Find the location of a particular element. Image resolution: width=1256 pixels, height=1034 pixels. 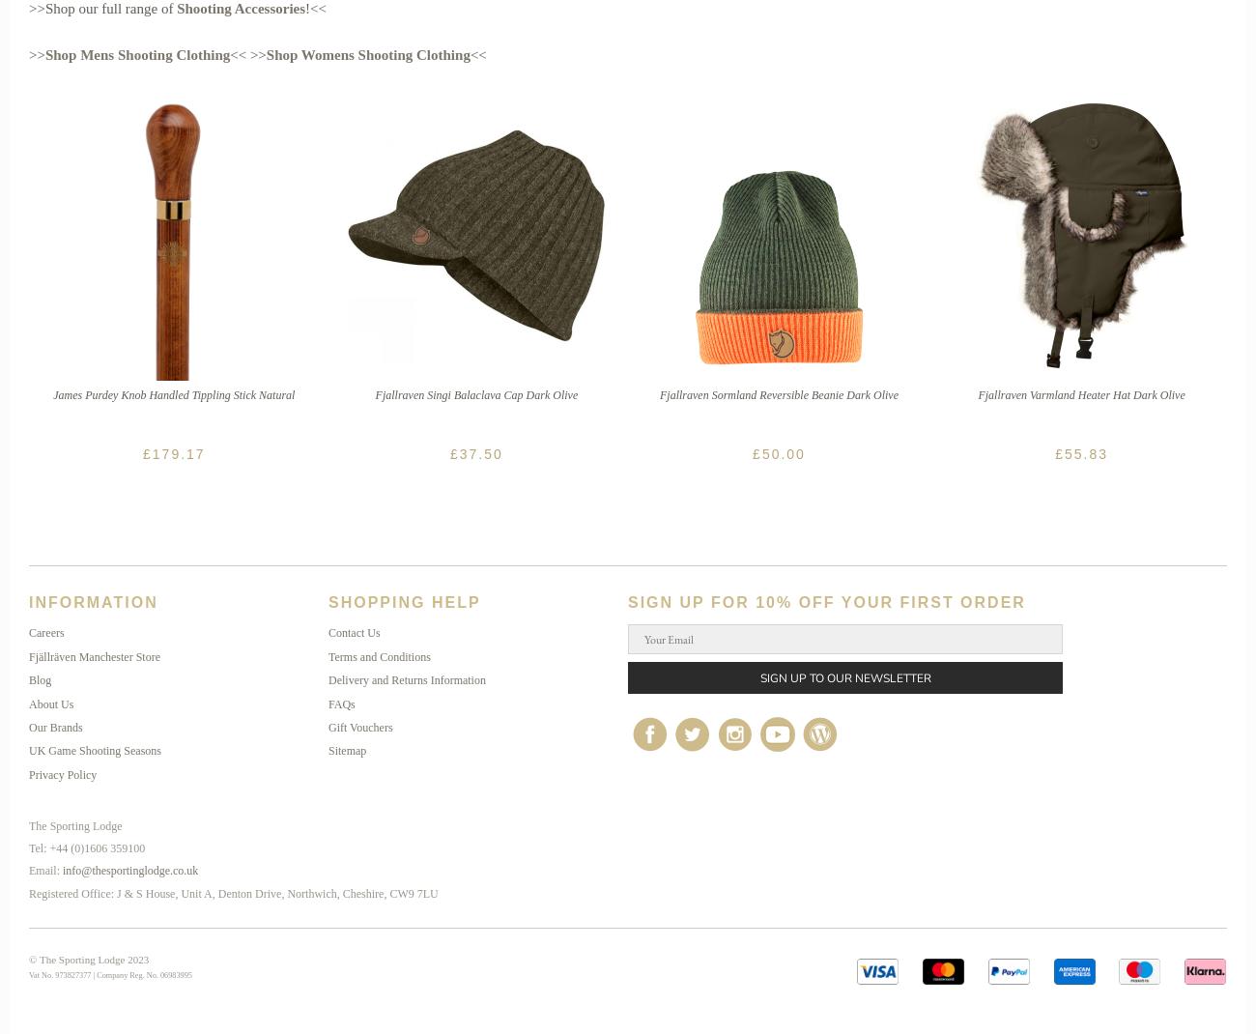

'179.17' is located at coordinates (178, 454).